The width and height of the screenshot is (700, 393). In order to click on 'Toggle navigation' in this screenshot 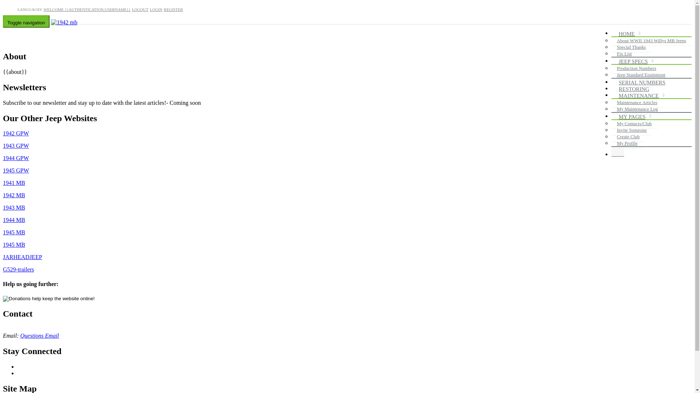, I will do `click(26, 21)`.